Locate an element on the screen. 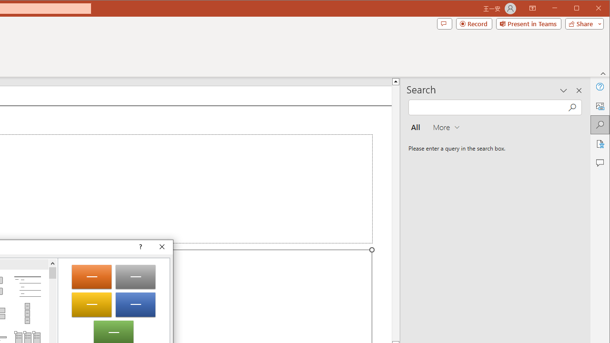  'Context help' is located at coordinates (139, 247).